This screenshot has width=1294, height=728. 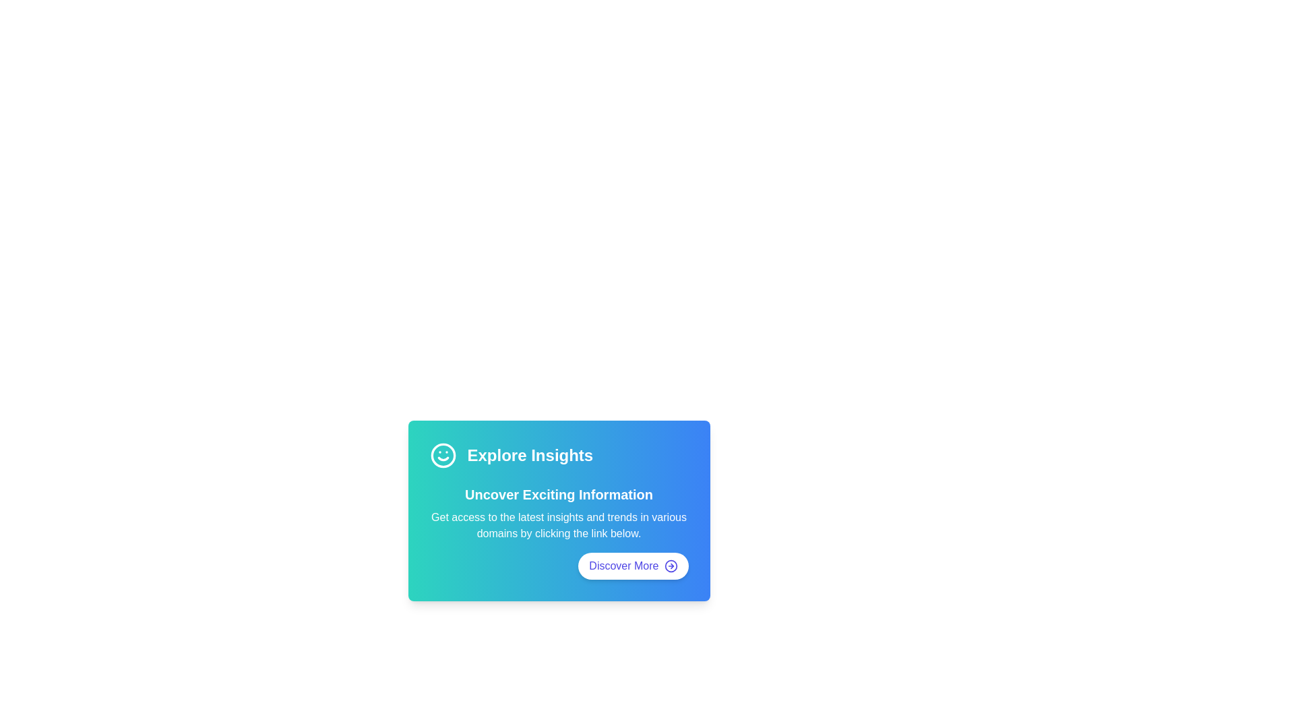 I want to click on the title/header text element that introduces the insights section, positioned on the right side of the smile icon, so click(x=529, y=455).